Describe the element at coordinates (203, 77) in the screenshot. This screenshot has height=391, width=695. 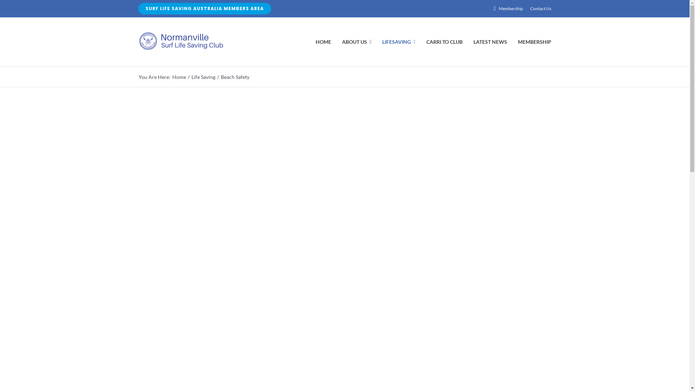
I see `'Life Saving'` at that location.